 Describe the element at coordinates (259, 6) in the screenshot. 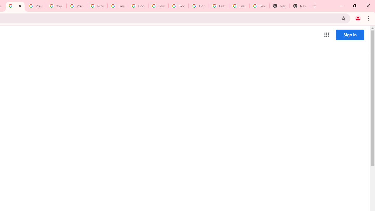

I see `'Google Account'` at that location.